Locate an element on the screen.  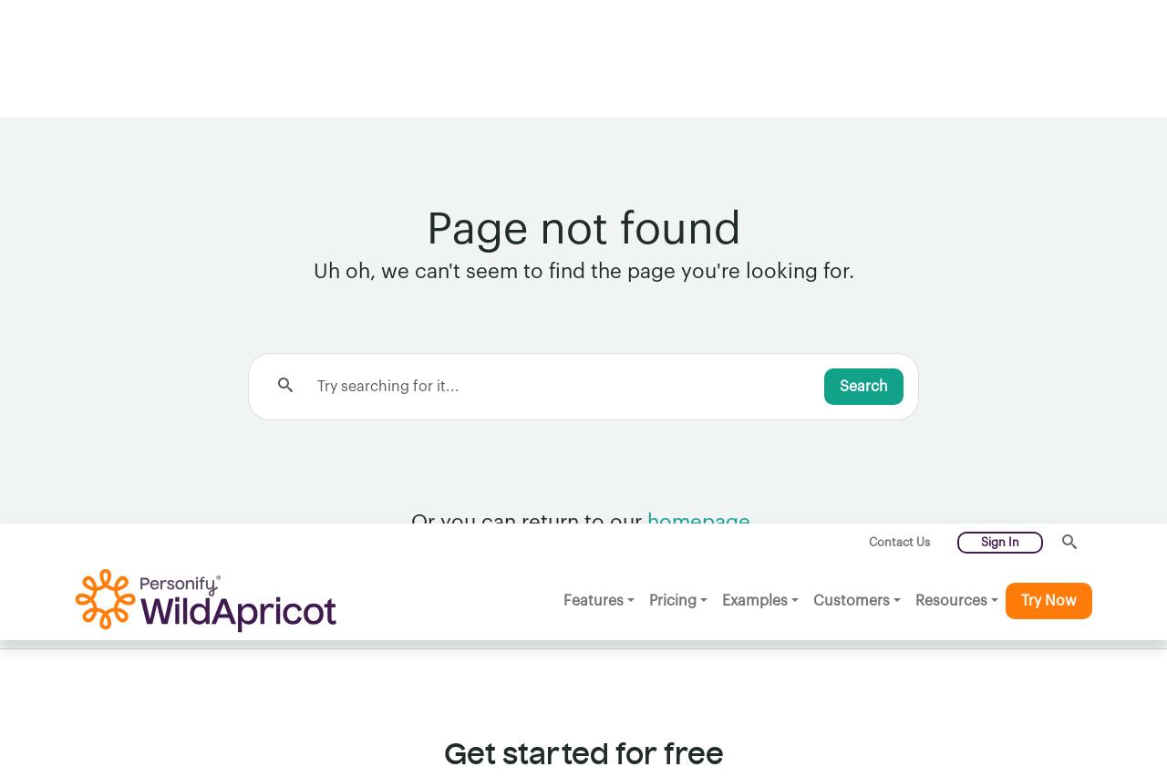
'Security' is located at coordinates (102, 676).